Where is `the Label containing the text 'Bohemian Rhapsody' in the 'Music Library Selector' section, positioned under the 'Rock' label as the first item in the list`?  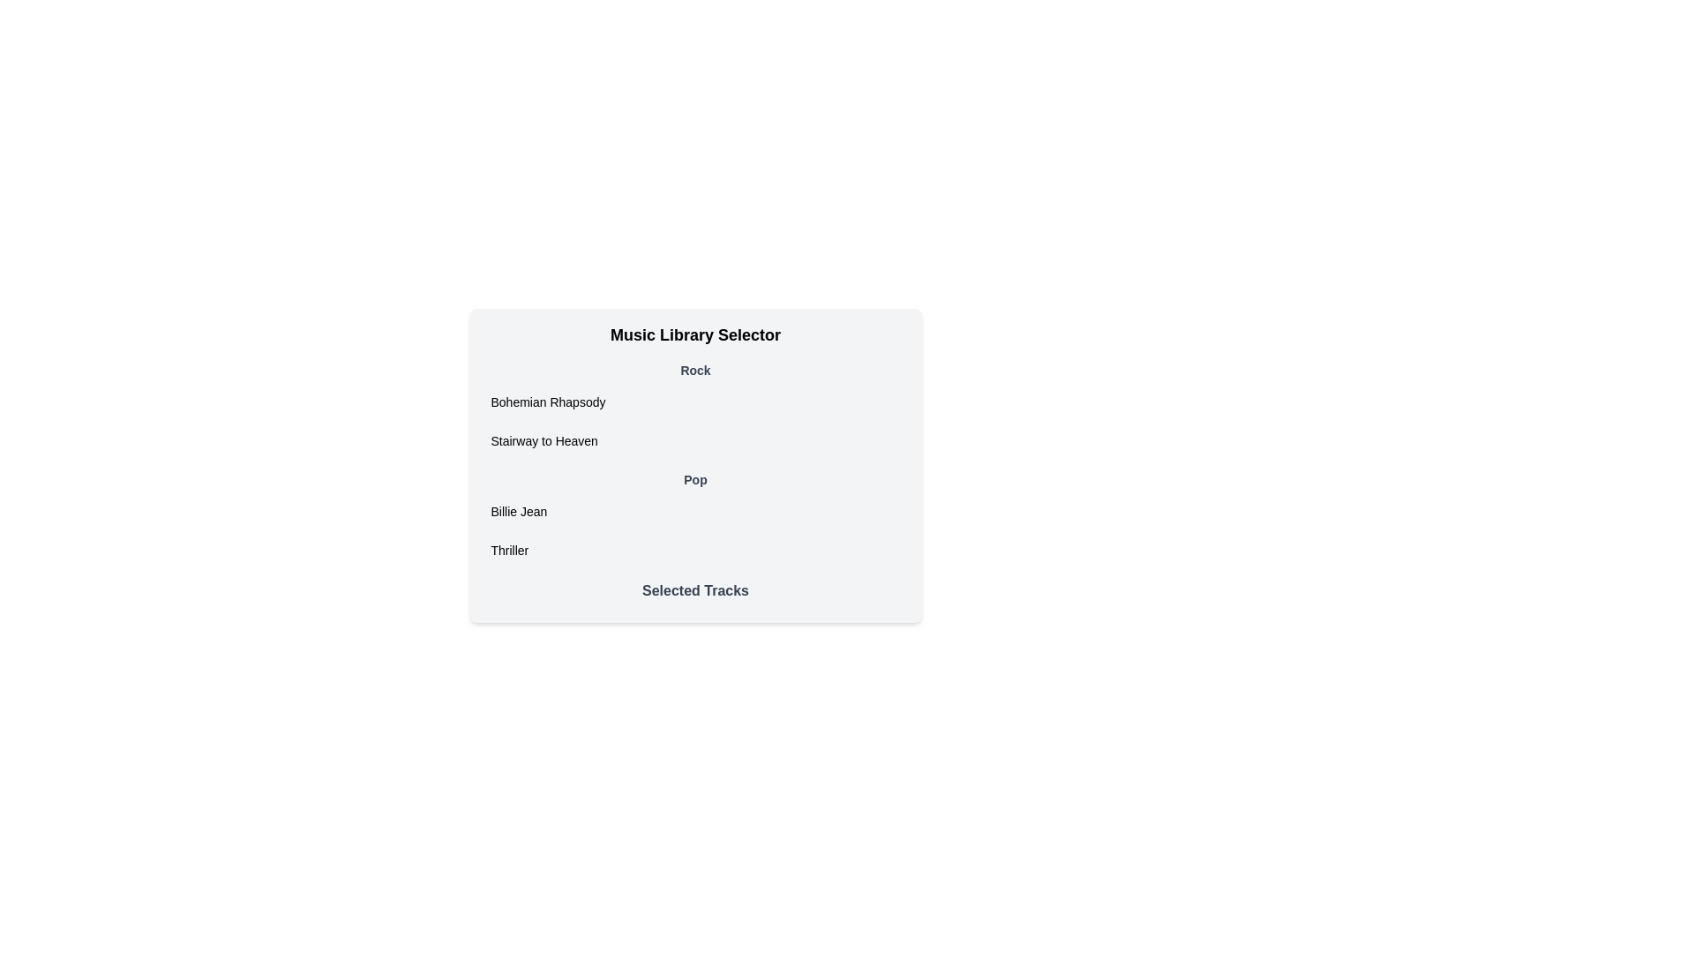
the Label containing the text 'Bohemian Rhapsody' in the 'Music Library Selector' section, positioned under the 'Rock' label as the first item in the list is located at coordinates (547, 401).